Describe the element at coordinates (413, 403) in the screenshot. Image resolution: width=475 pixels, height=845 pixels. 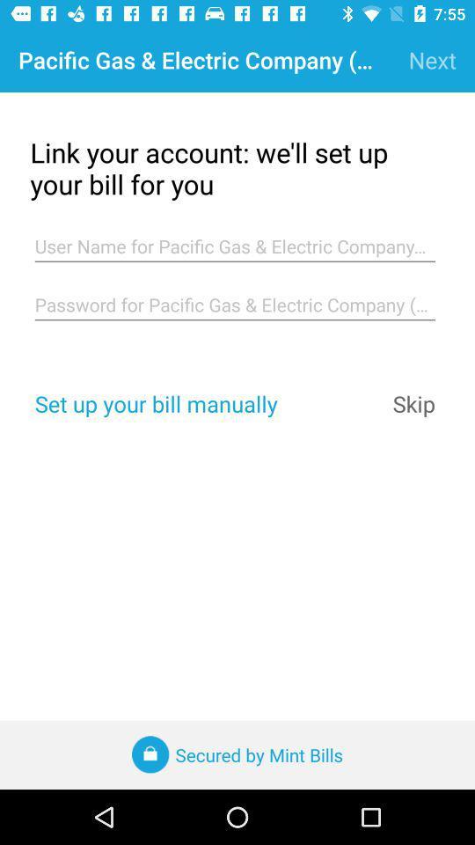
I see `item to the right of set up your icon` at that location.